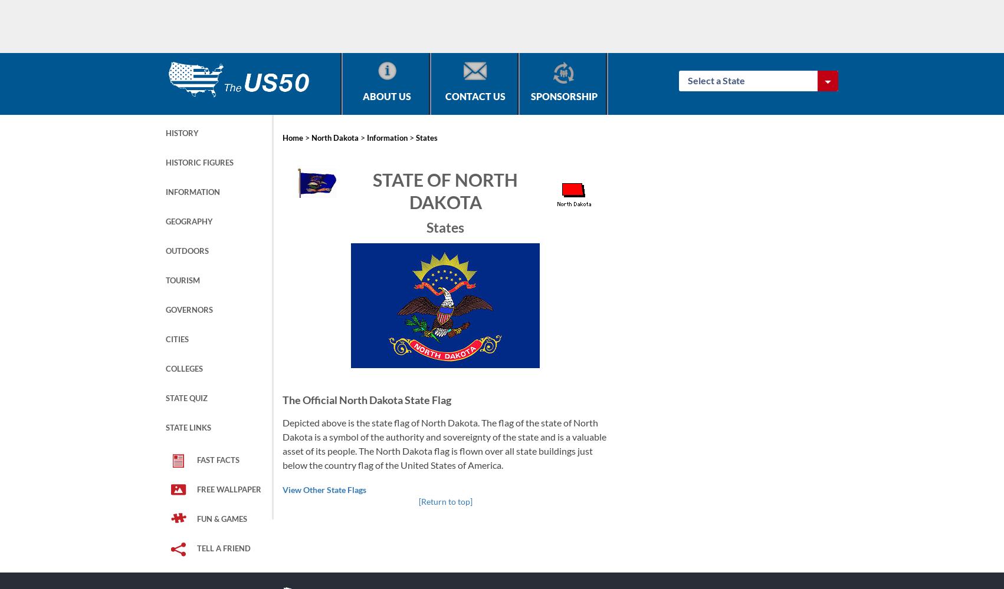 The image size is (1004, 589). Describe the element at coordinates (444, 443) in the screenshot. I see `'Depicted above is the state flag of North Dakota.  The flag of the state of North Dakota is a symbol of the authority and sovereignty of the state and is a valuable asset of its people.  The North Dakota flag is flown over all state buildings just below the country flag of the United States of America.'` at that location.